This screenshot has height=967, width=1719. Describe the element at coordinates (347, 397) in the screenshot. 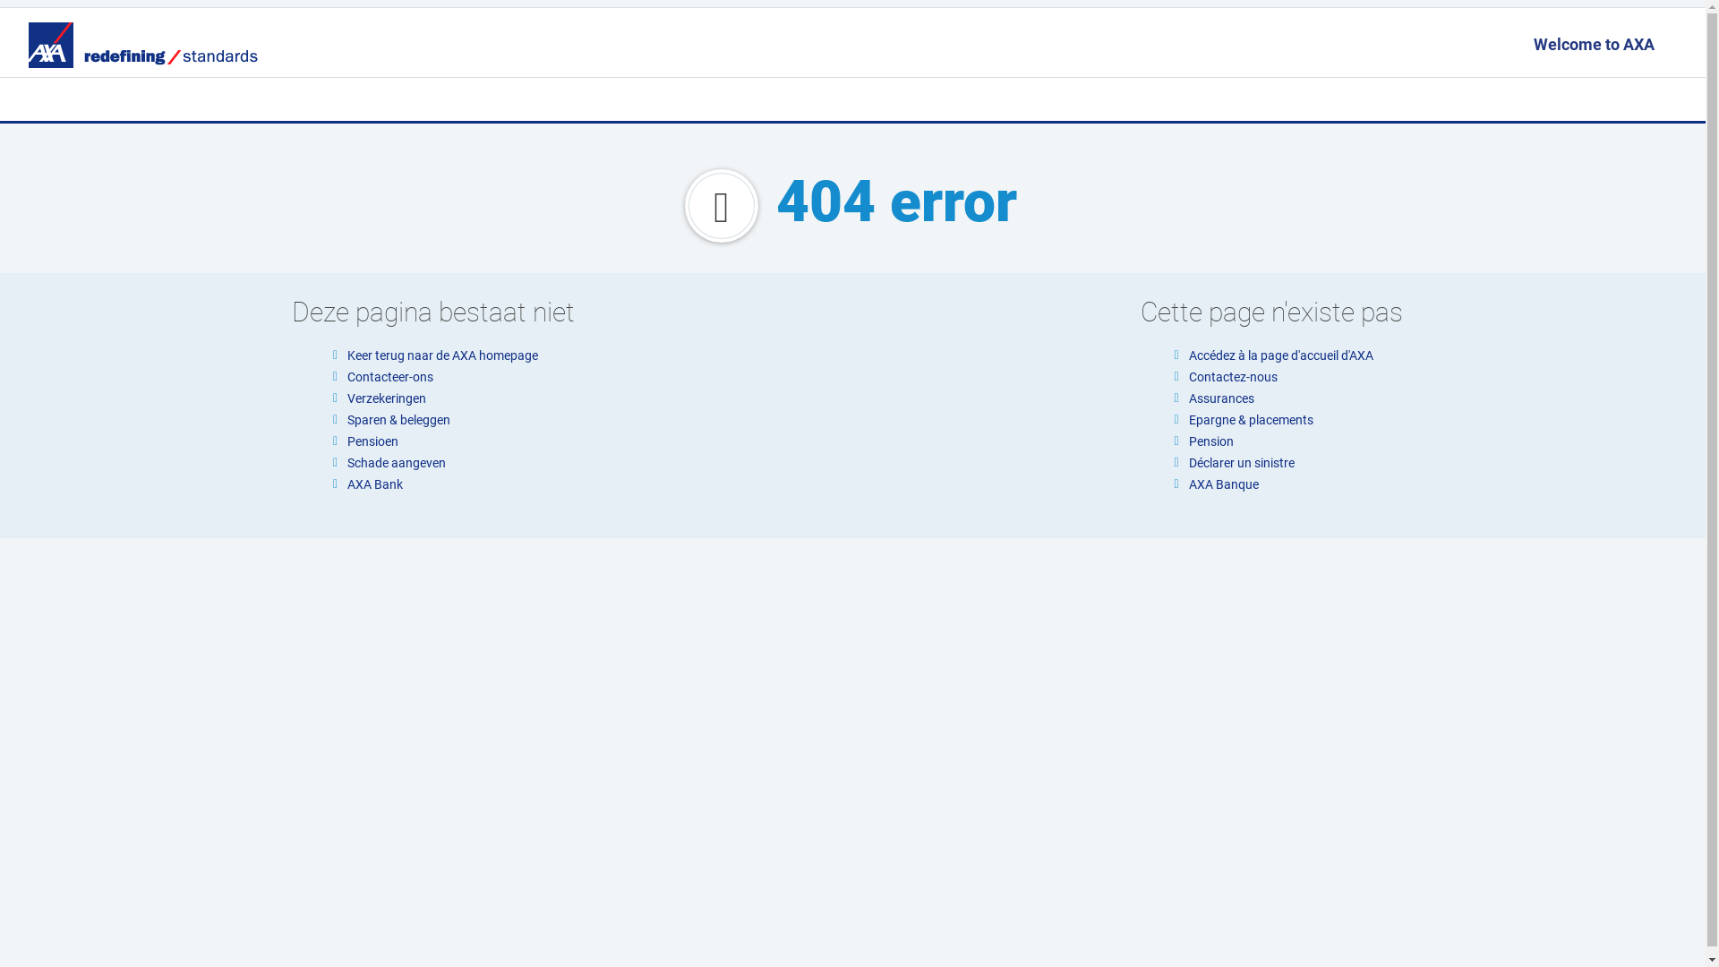

I see `'Verzekeringen'` at that location.